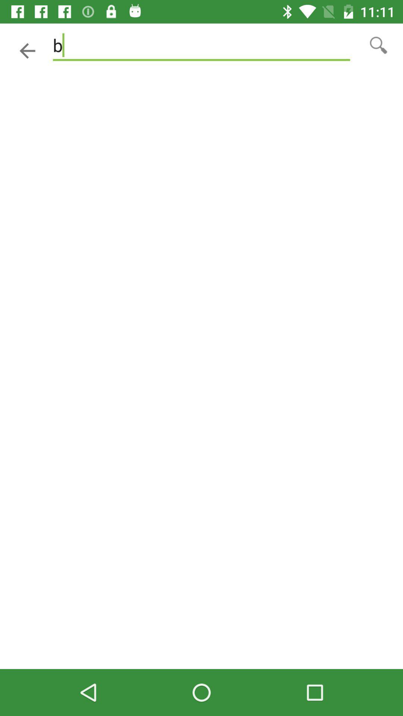  I want to click on the search icon, so click(378, 44).